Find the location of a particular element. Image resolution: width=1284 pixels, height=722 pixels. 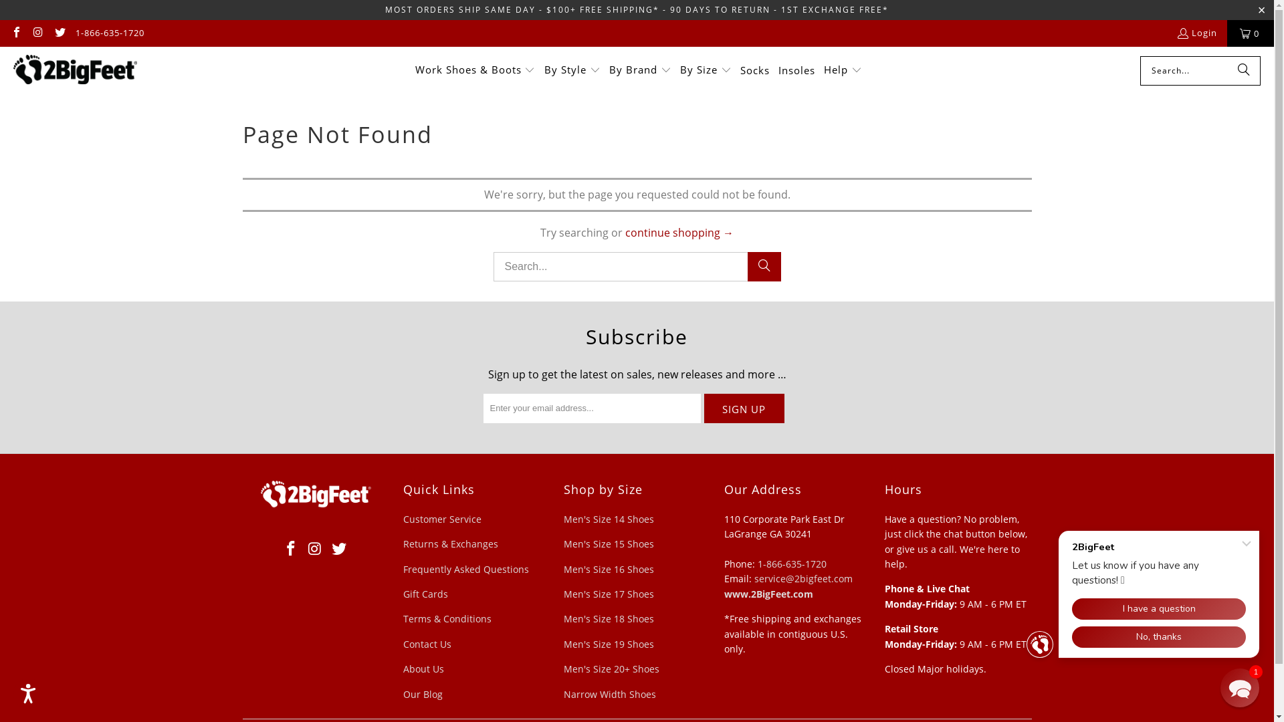

'2BigFeet on Facebook' is located at coordinates (291, 549).